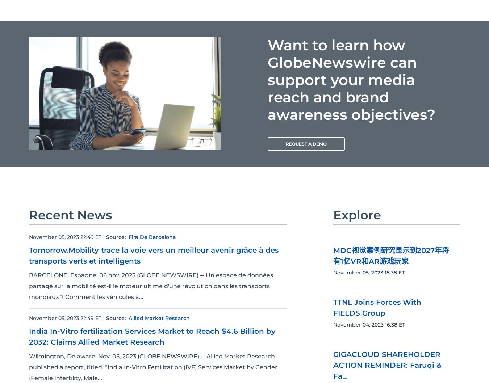 The image size is (489, 383). Describe the element at coordinates (306, 144) in the screenshot. I see `'REQUEST A DEMO'` at that location.